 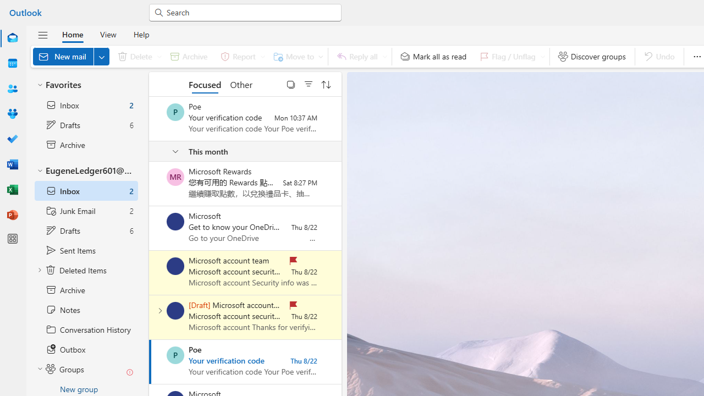 I want to click on 'Calendar', so click(x=13, y=63).